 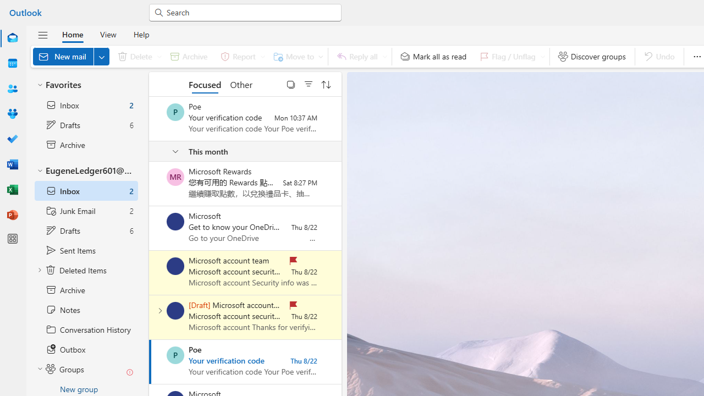 I want to click on 'Calendar', so click(x=13, y=63).